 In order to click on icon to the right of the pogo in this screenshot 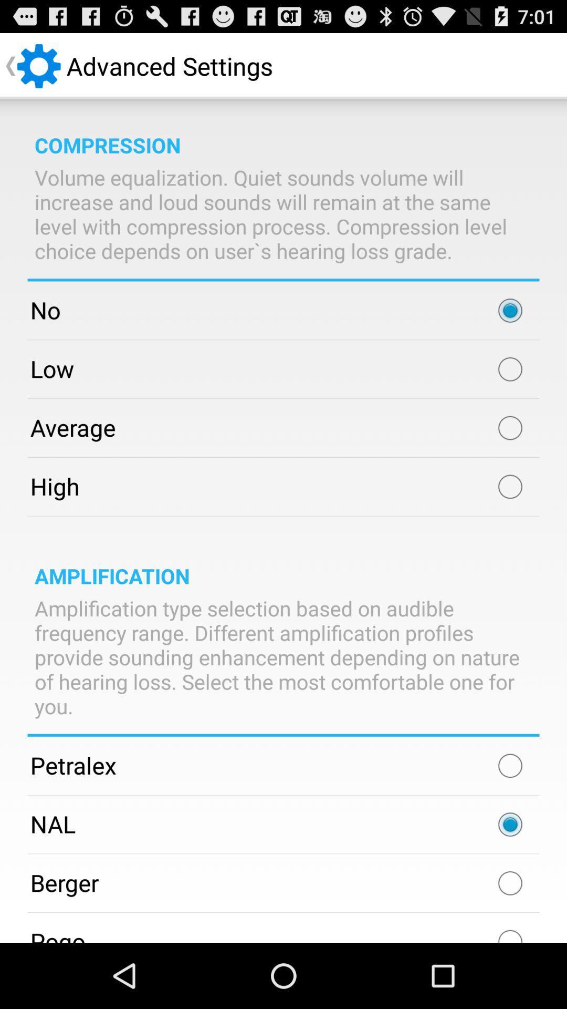, I will do `click(510, 931)`.